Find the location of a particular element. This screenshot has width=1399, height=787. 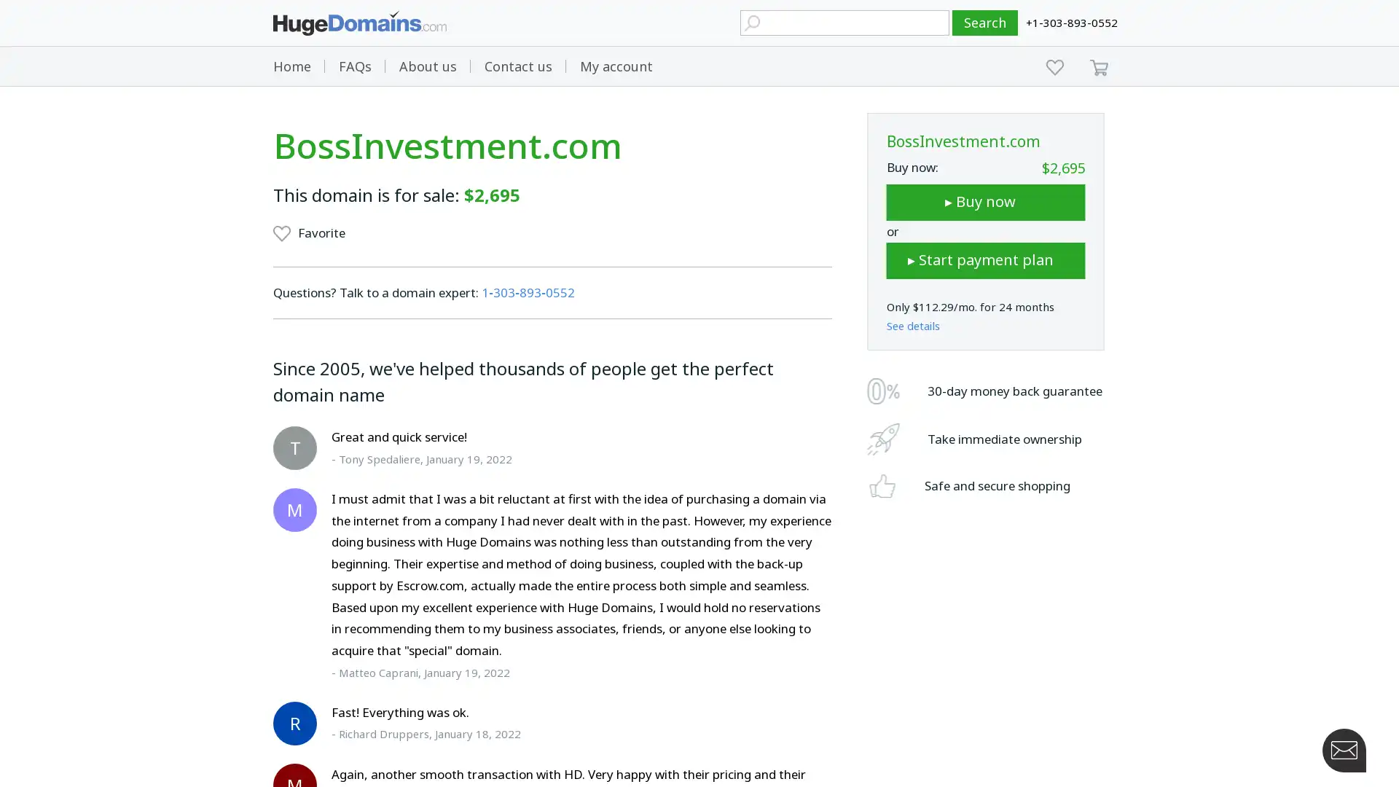

Search is located at coordinates (985, 23).